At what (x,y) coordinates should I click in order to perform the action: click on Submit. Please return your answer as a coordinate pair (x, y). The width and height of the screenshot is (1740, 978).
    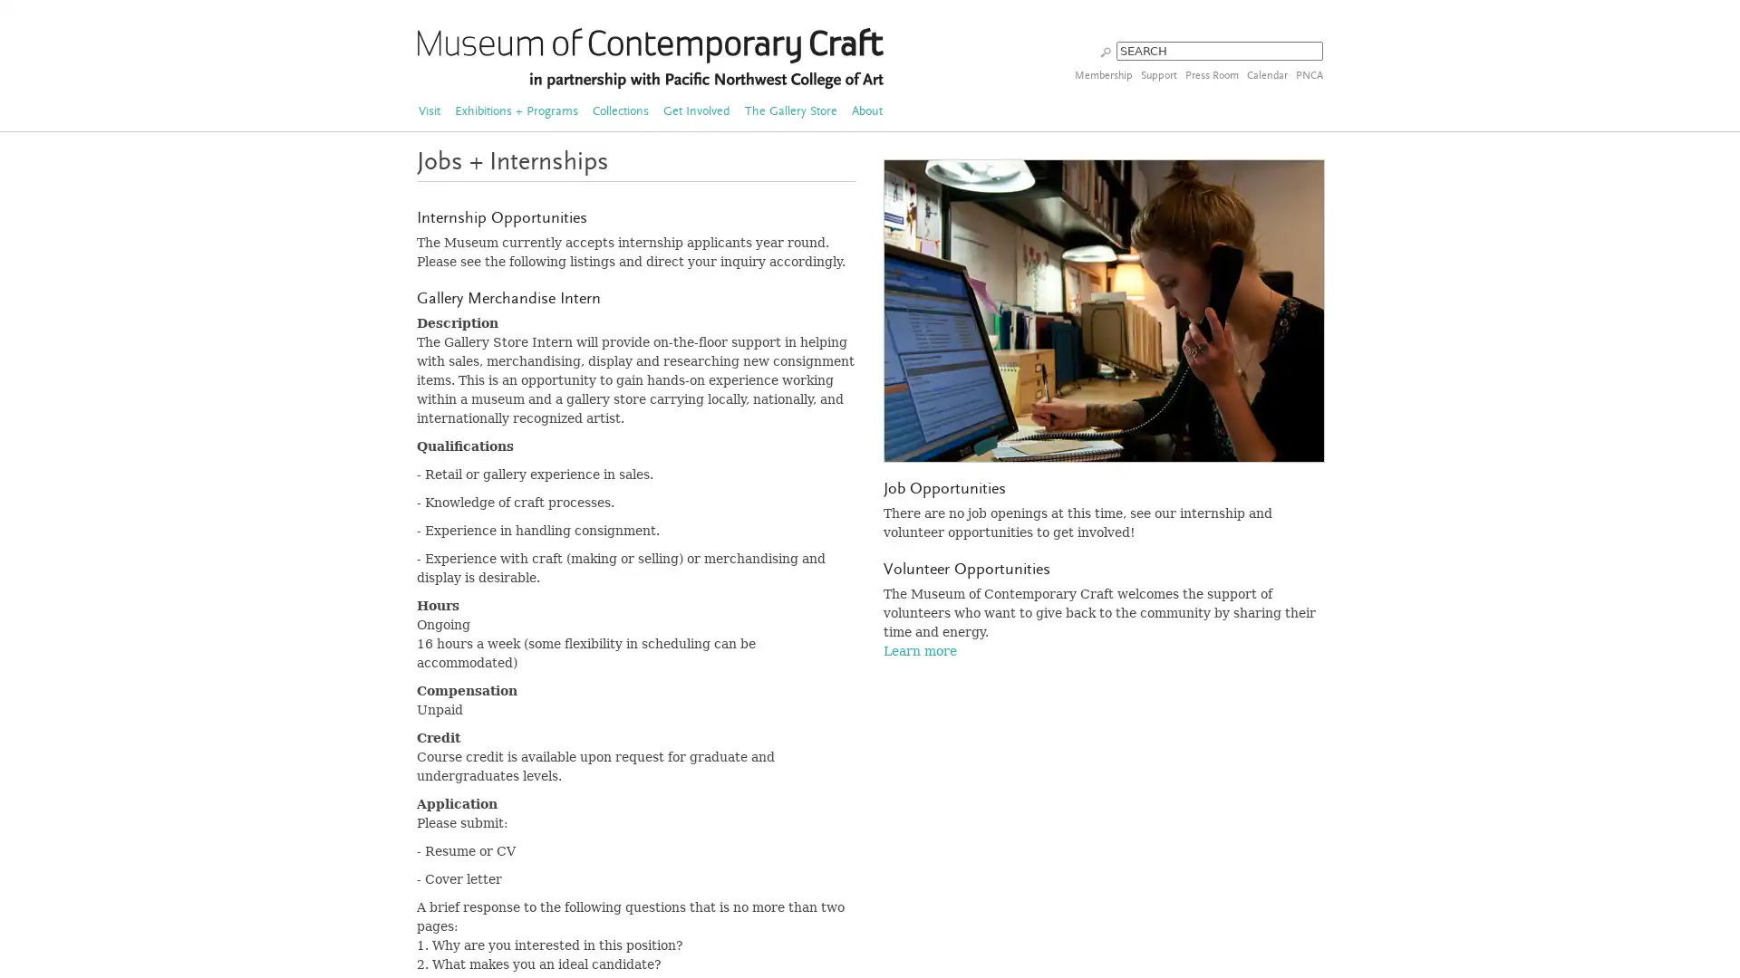
    Looking at the image, I should click on (1105, 50).